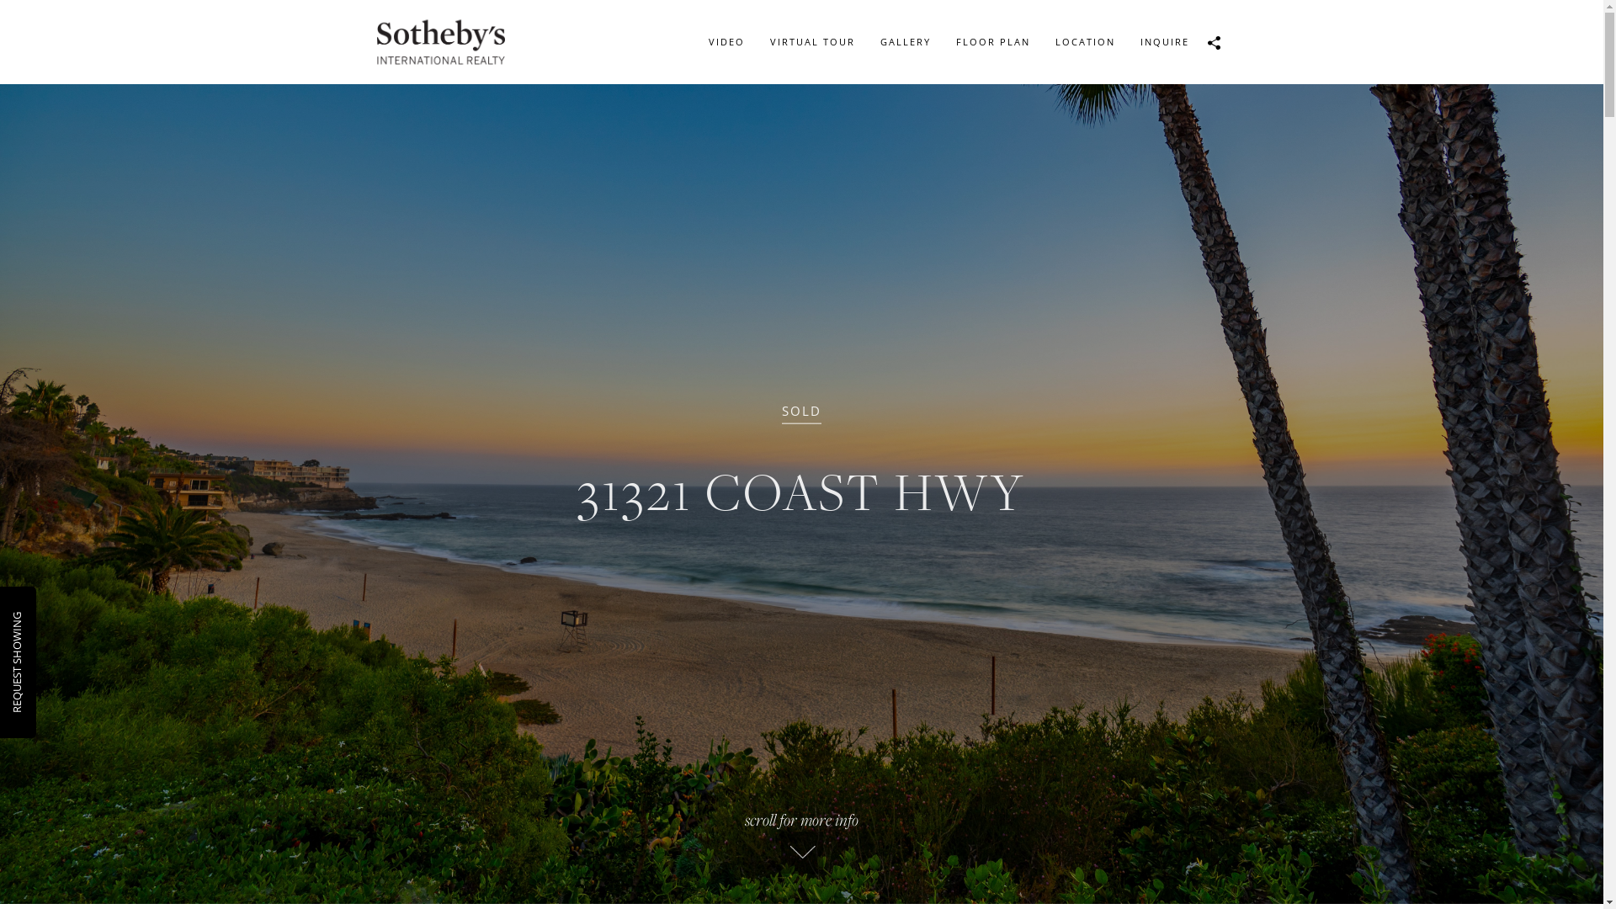 The width and height of the screenshot is (1616, 909). Describe the element at coordinates (1127, 41) in the screenshot. I see `'INQUIRE'` at that location.